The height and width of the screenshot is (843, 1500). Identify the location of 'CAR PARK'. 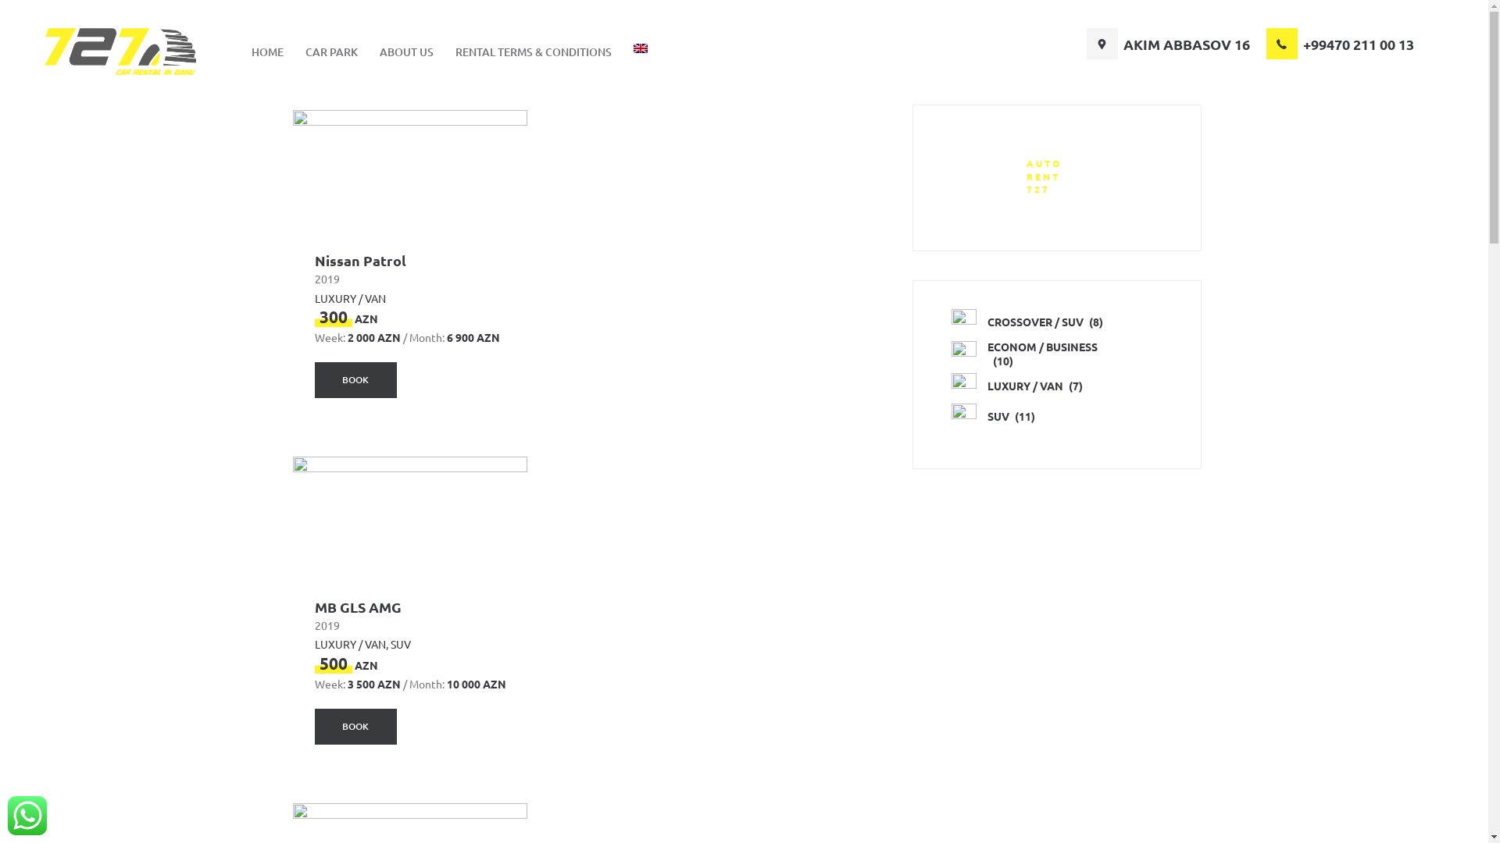
(330, 51).